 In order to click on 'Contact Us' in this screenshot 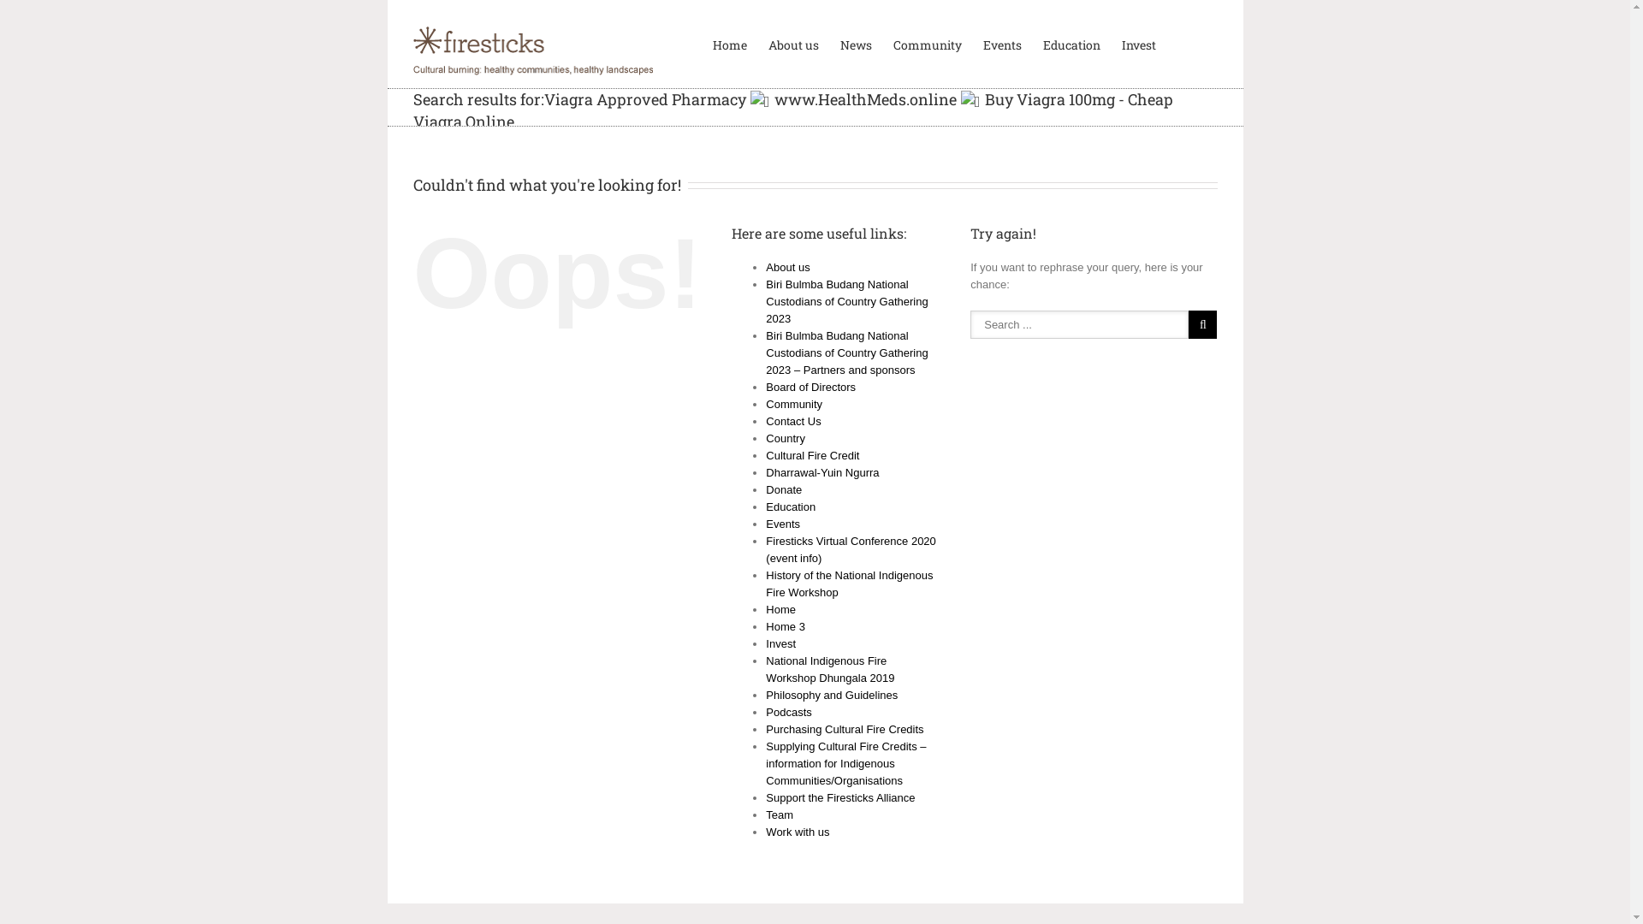, I will do `click(792, 421)`.